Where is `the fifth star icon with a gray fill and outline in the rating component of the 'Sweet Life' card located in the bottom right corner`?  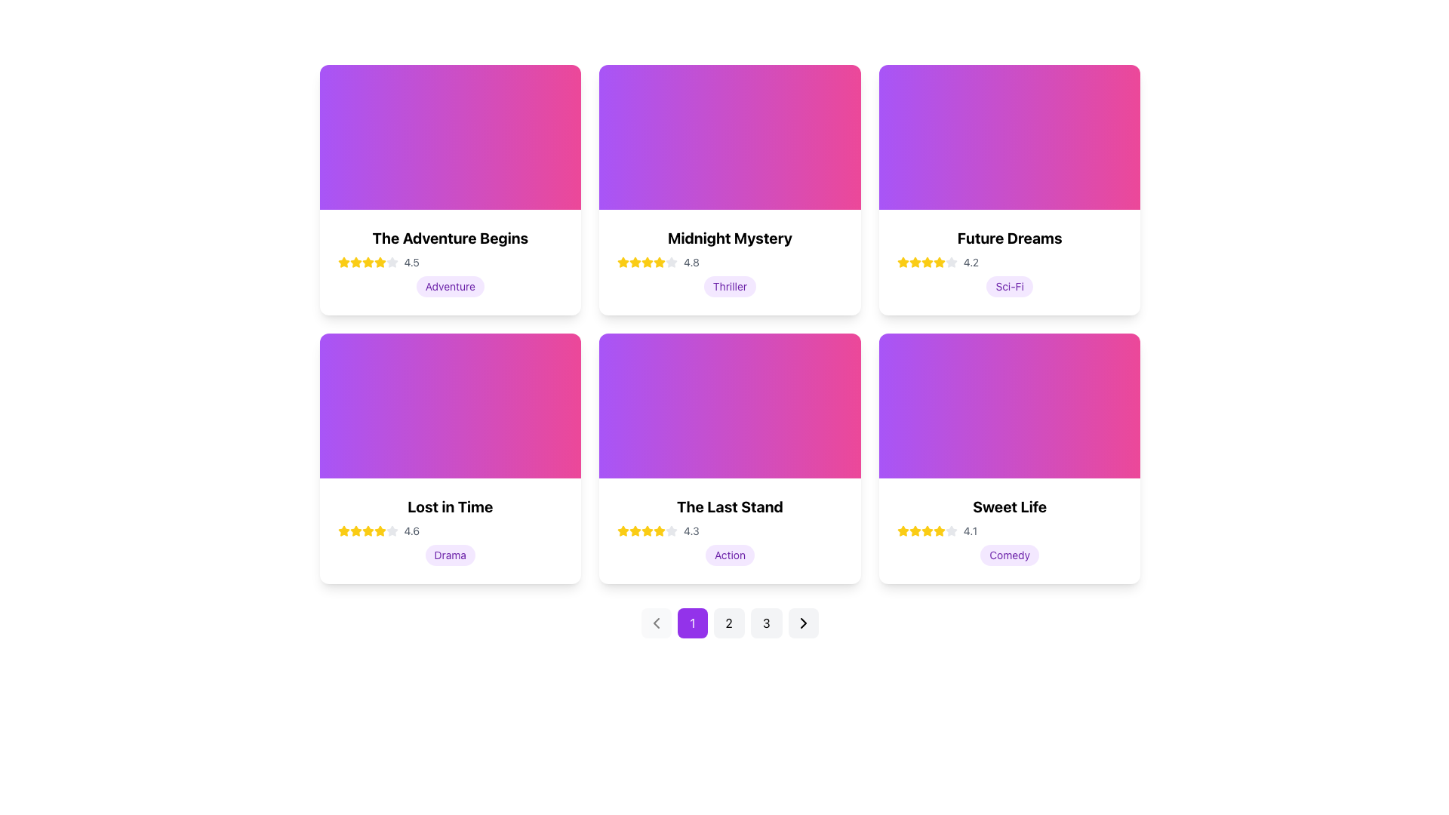 the fifth star icon with a gray fill and outline in the rating component of the 'Sweet Life' card located in the bottom right corner is located at coordinates (950, 531).